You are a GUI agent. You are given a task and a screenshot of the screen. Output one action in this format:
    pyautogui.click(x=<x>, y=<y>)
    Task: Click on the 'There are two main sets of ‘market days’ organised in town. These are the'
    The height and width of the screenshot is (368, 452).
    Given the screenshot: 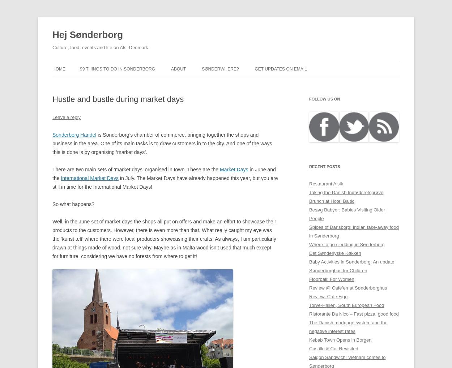 What is the action you would take?
    pyautogui.click(x=135, y=169)
    